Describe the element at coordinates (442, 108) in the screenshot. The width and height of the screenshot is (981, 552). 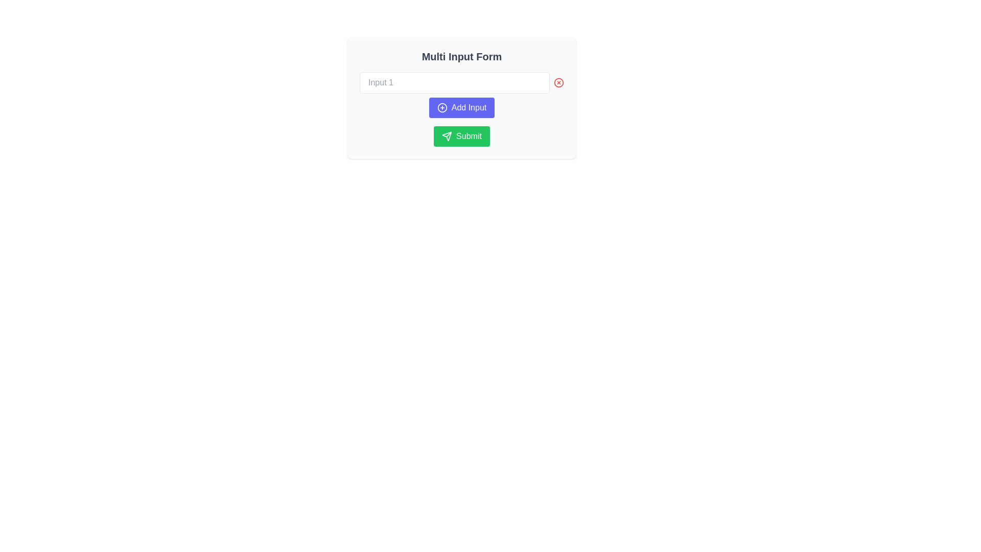
I see `the circular icon with a plus sign located within the 'Add Input' button, positioned to the left of the text 'Add Input'` at that location.